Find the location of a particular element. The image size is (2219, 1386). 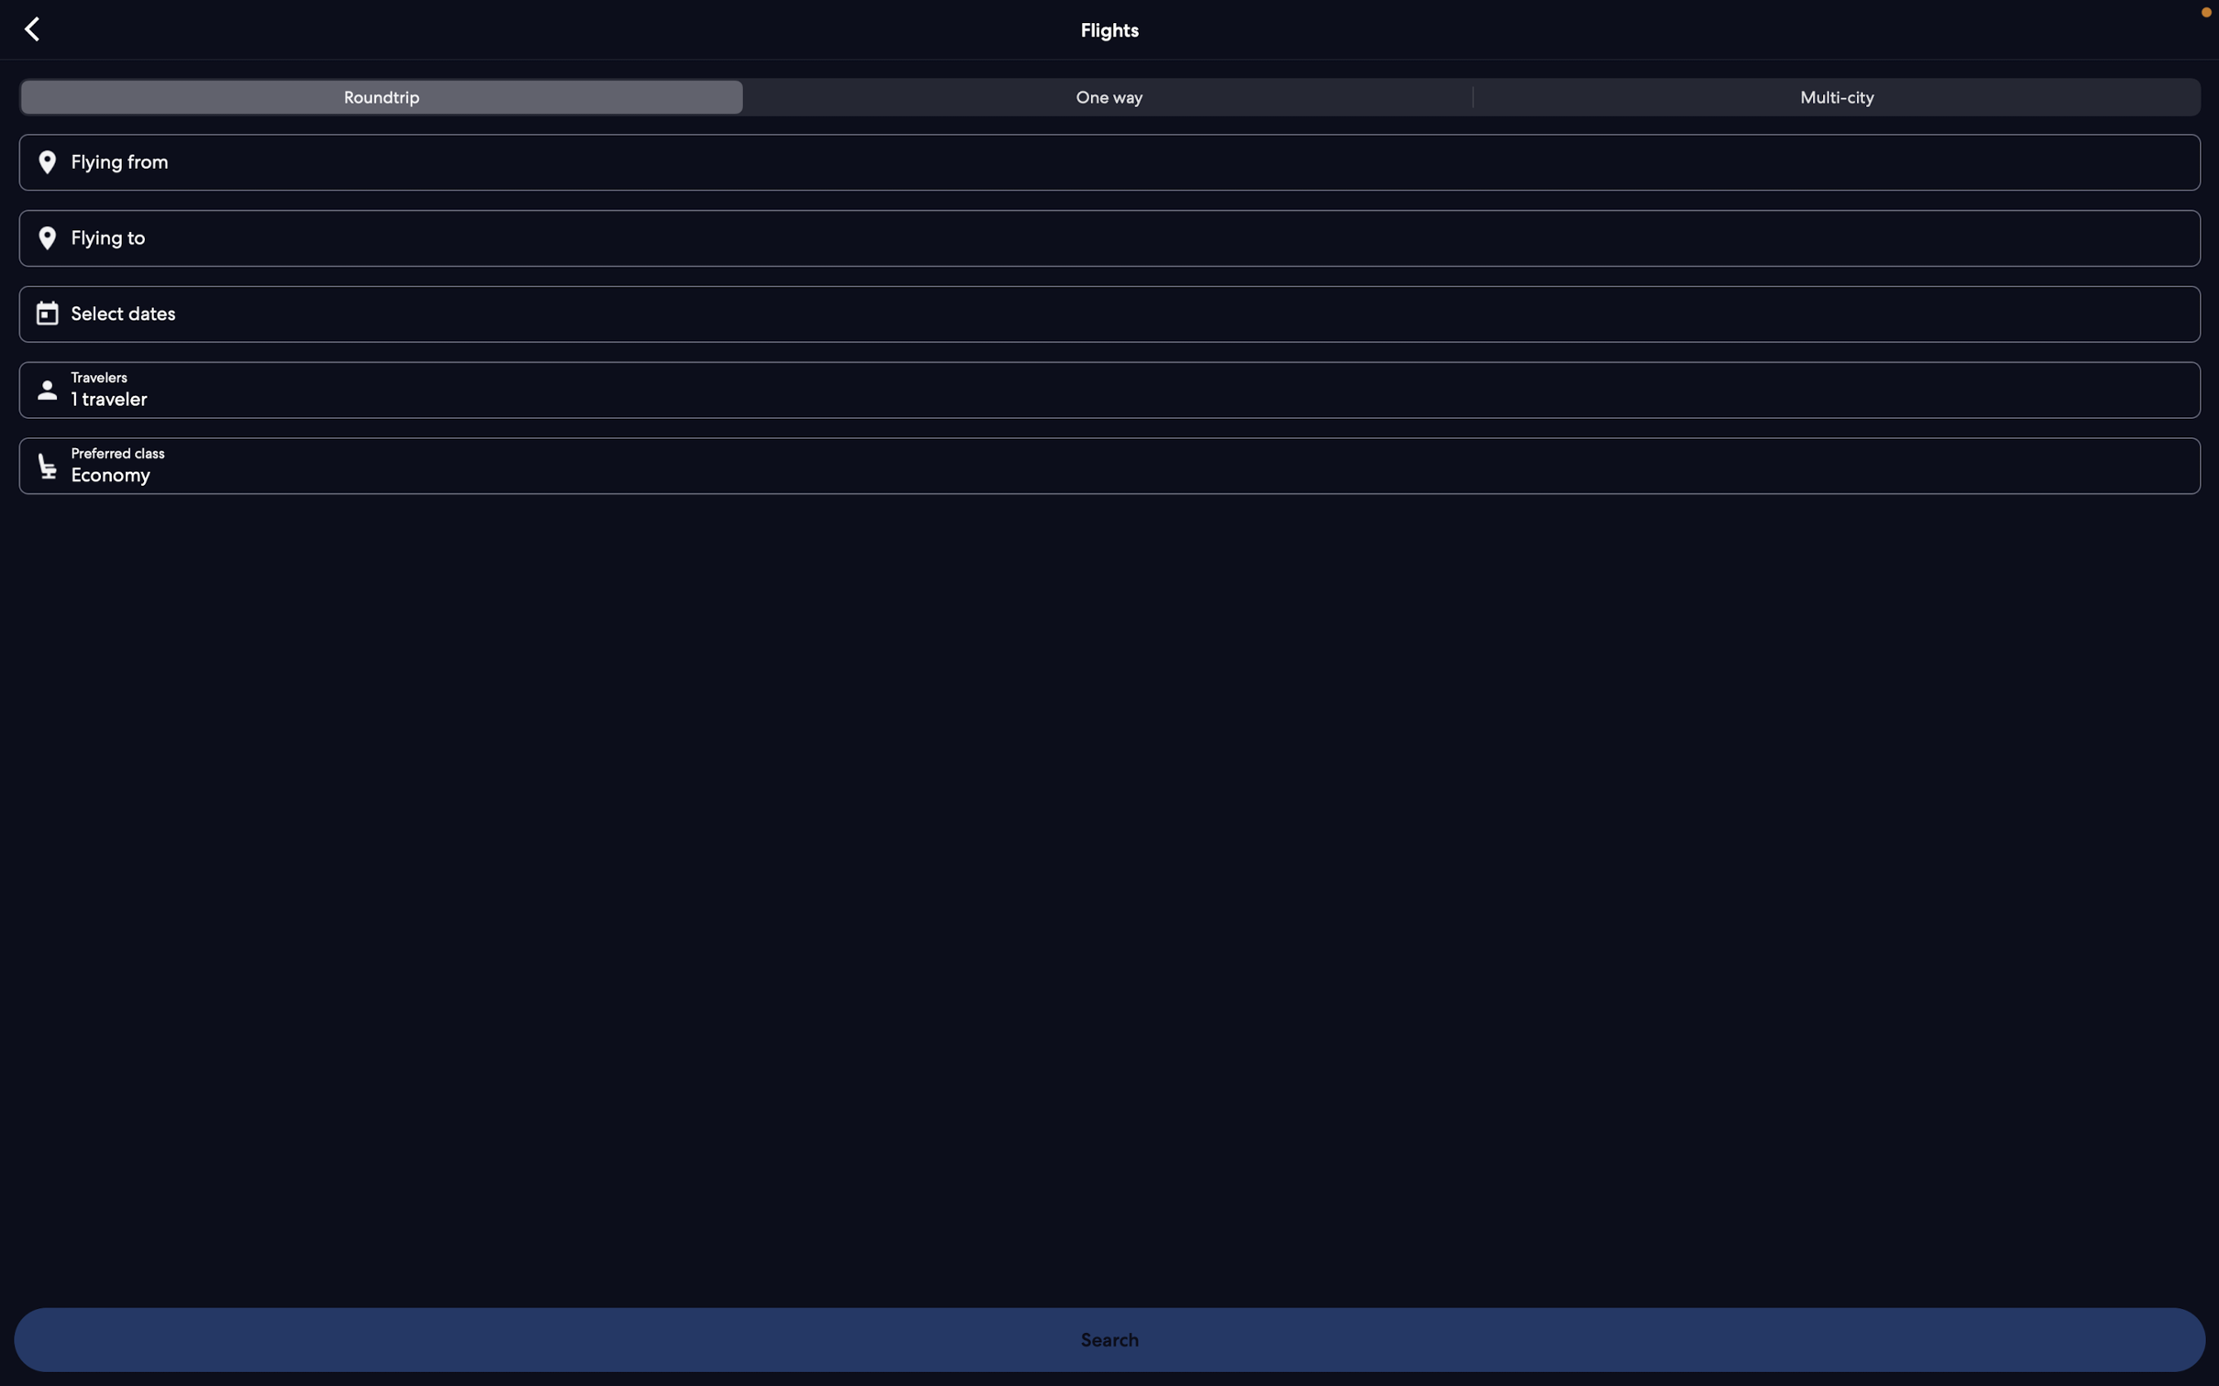

Pick the dates for the journey is located at coordinates (1116, 311).